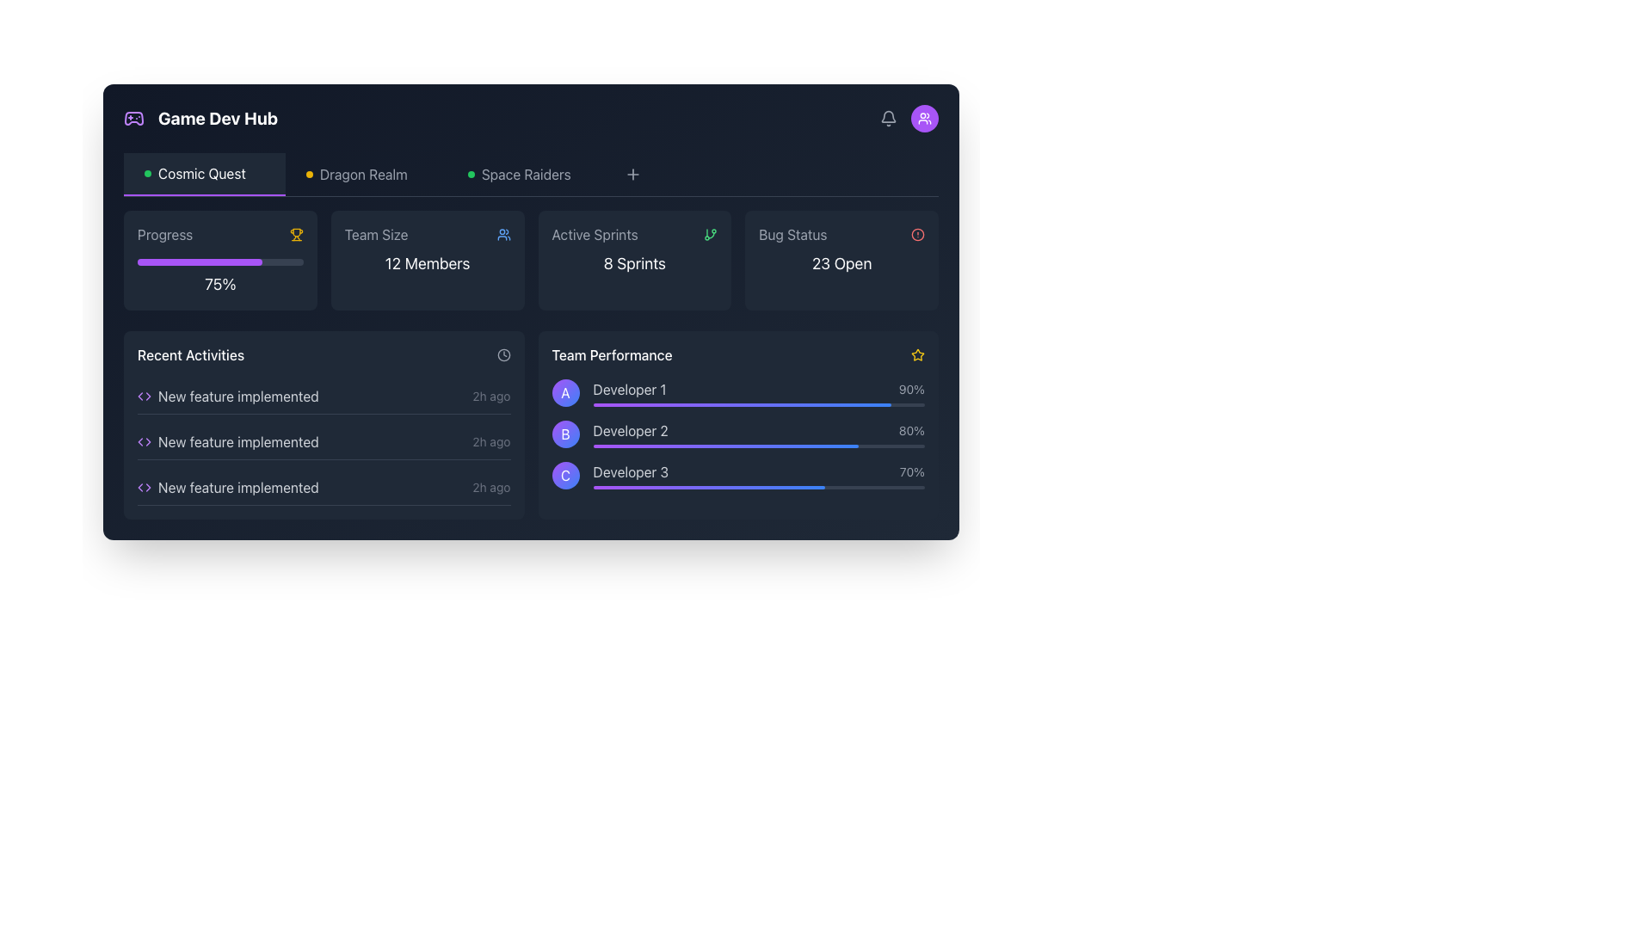  I want to click on the Text Display element in the 'Recent Activities' section that informs about the implementation of a new feature, which is the second item in the list, so click(237, 440).